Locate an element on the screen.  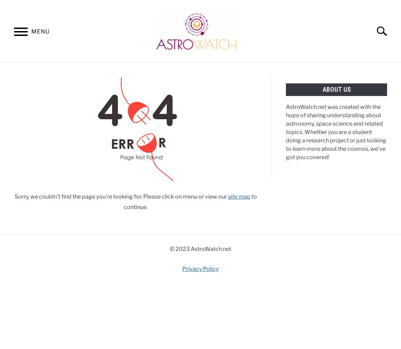
'MENU' is located at coordinates (31, 31).